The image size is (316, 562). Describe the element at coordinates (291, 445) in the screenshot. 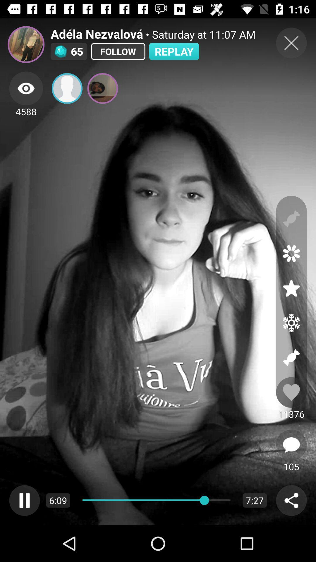

I see `type the text` at that location.